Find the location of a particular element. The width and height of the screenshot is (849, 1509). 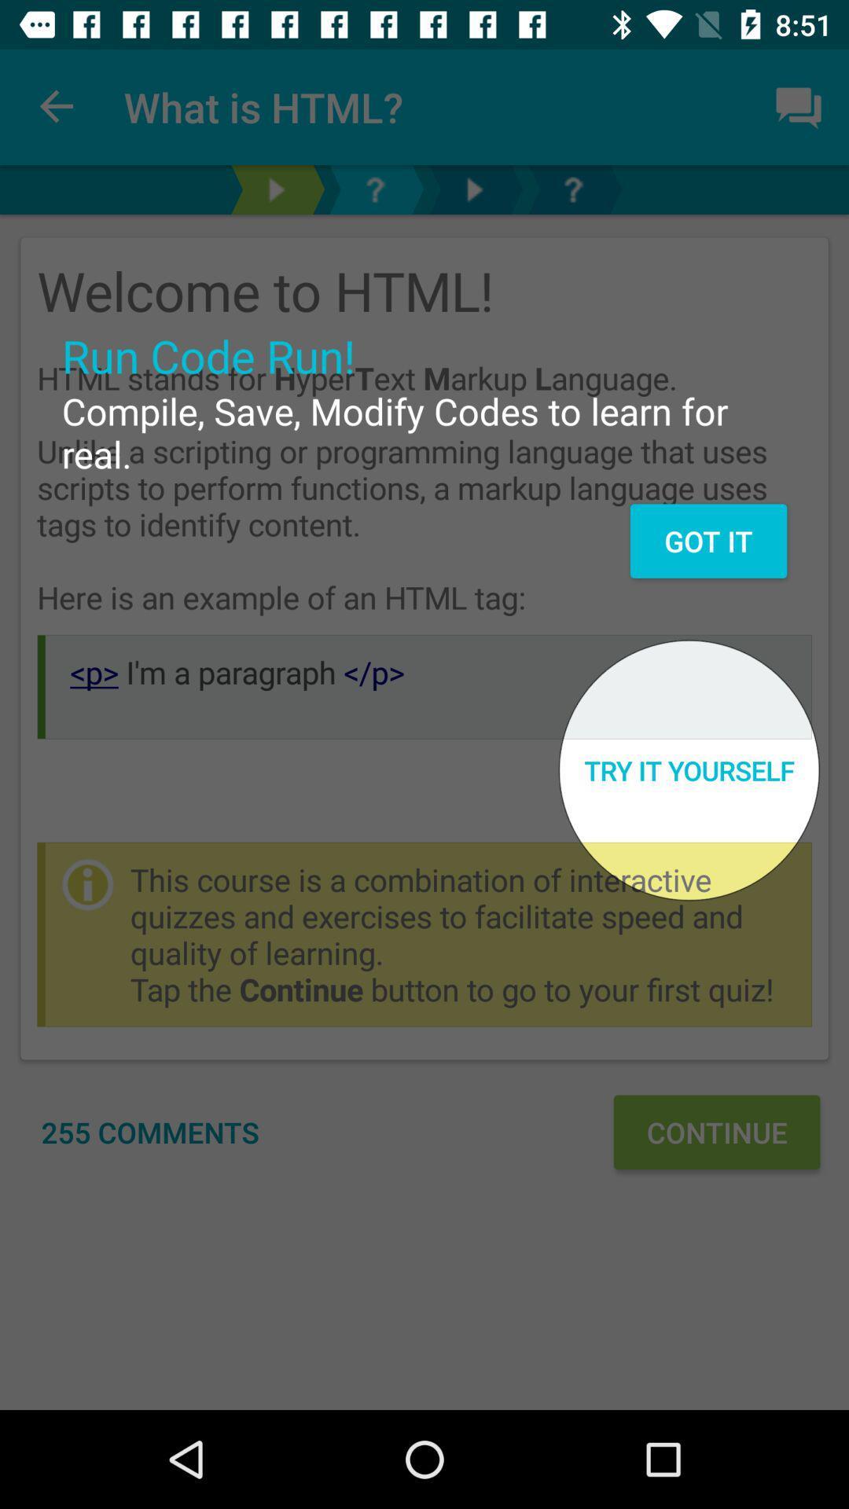

all in one app help icon is located at coordinates (573, 189).